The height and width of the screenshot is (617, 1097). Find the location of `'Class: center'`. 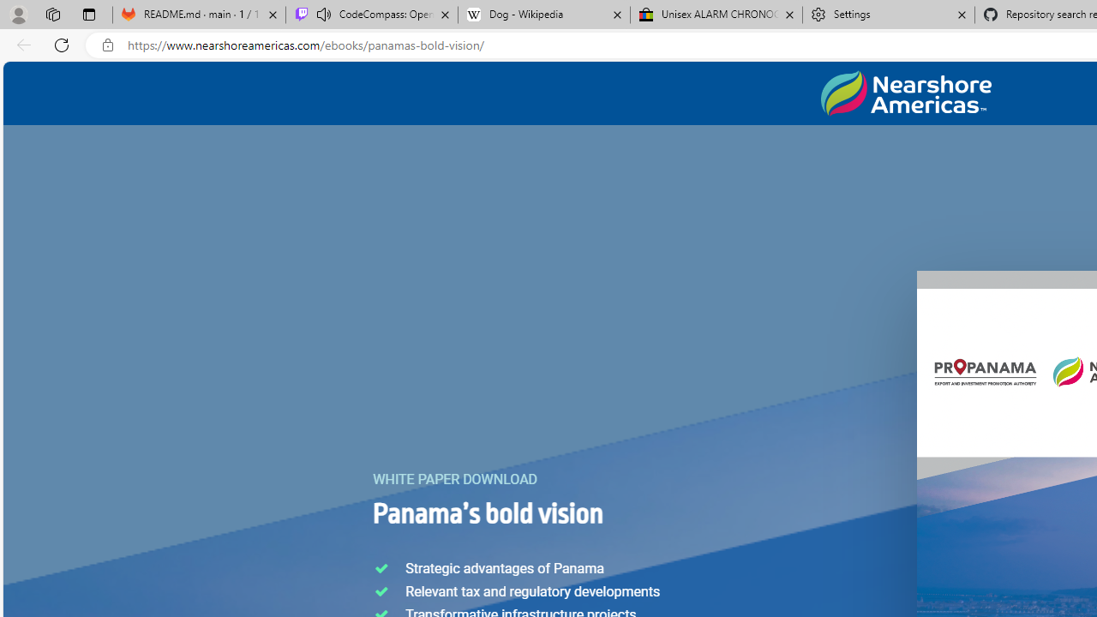

'Class: center' is located at coordinates (905, 93).